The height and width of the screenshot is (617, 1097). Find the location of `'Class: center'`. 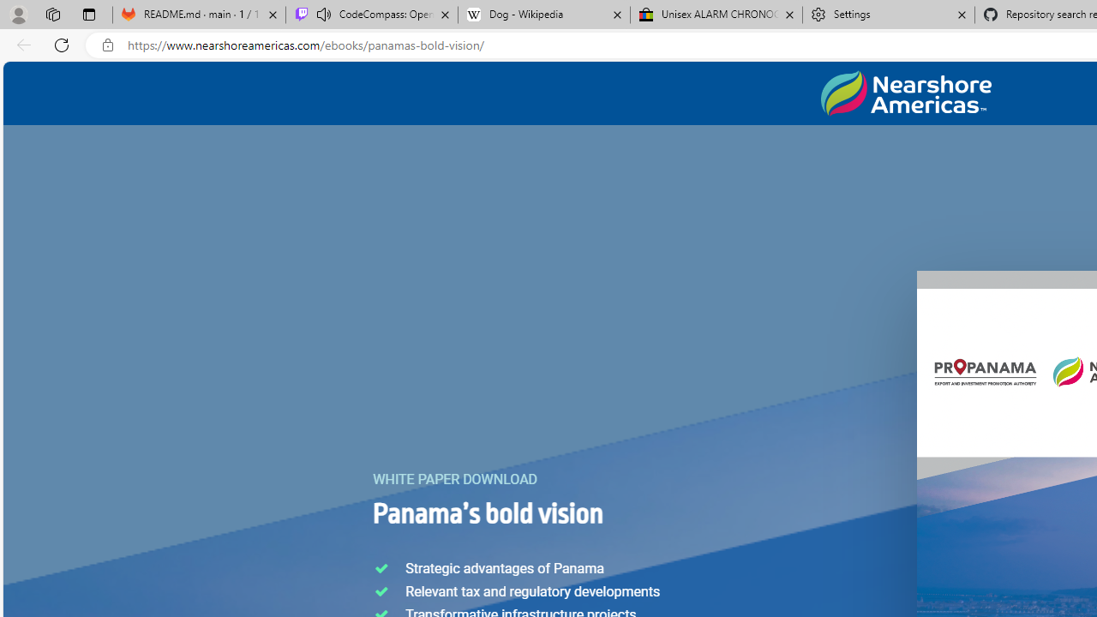

'Class: center' is located at coordinates (905, 93).